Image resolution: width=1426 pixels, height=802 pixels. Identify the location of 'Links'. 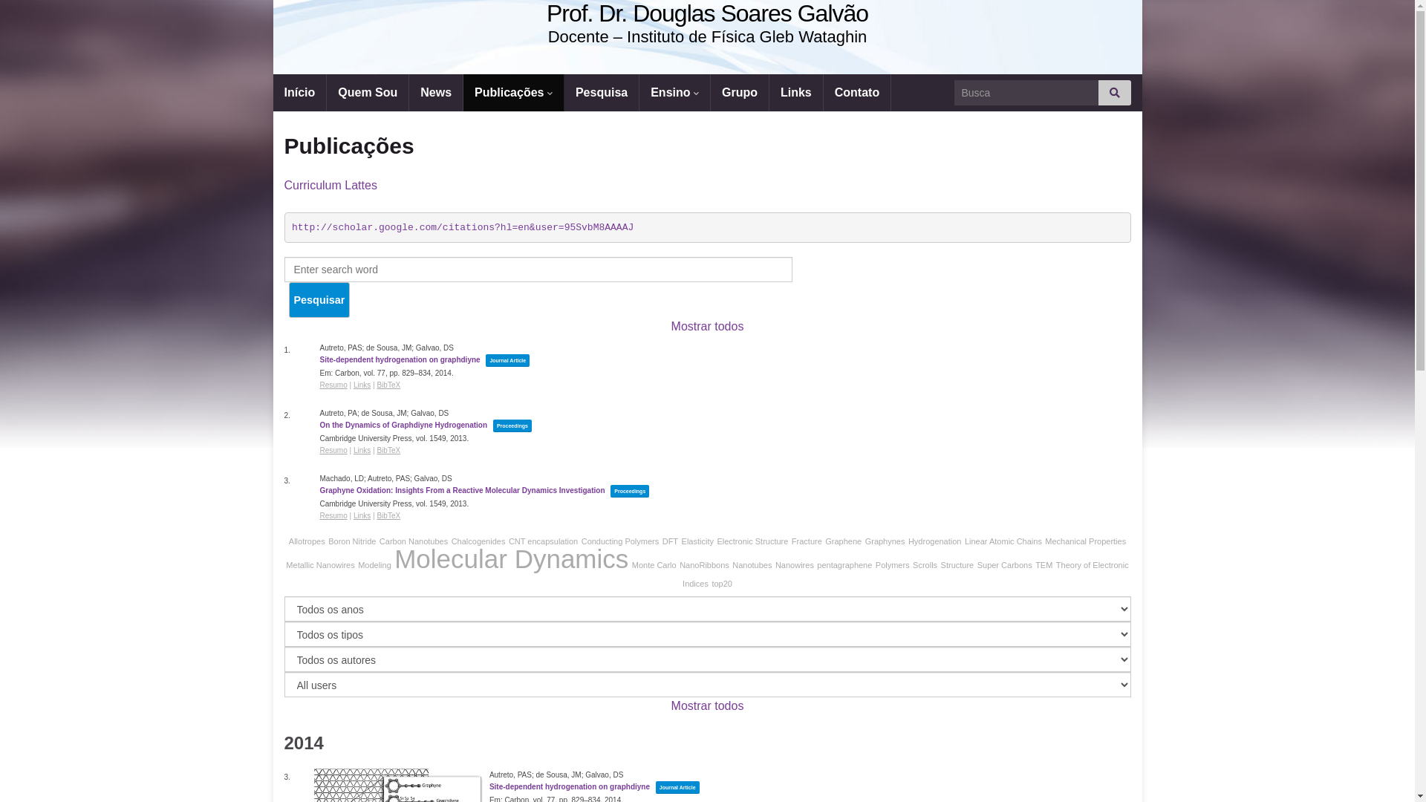
(362, 515).